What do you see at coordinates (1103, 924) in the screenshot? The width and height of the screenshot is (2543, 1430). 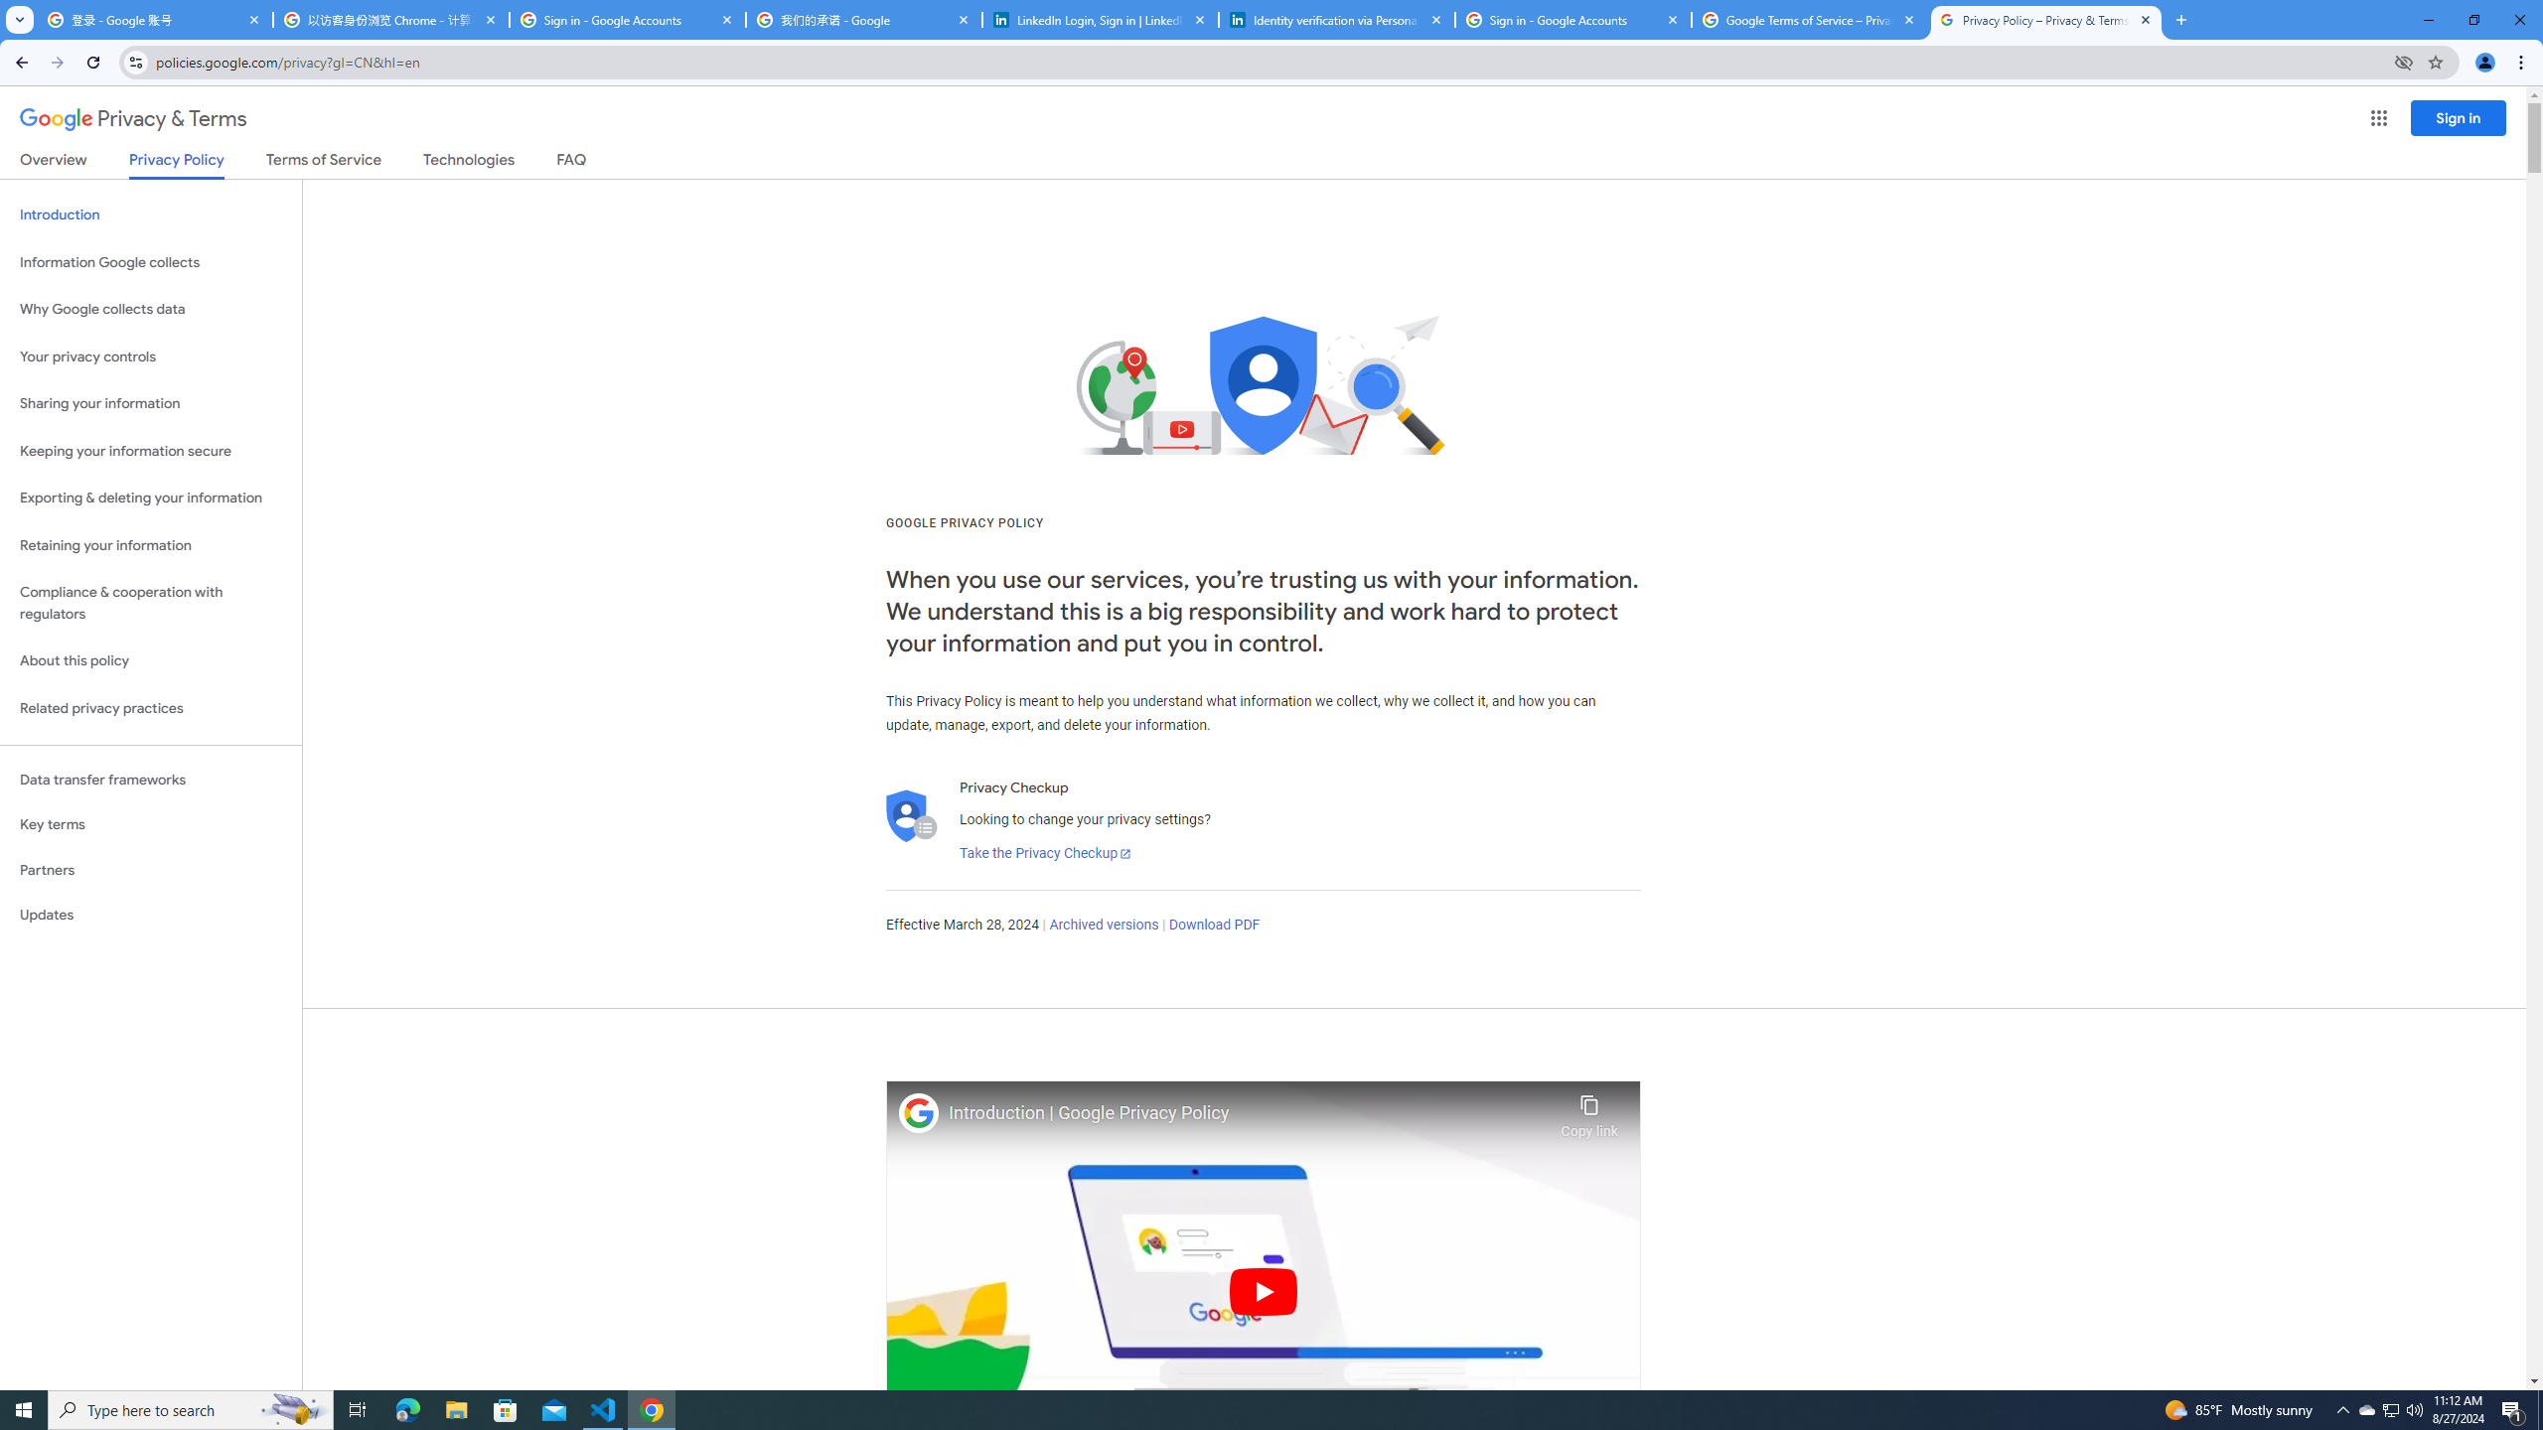 I see `'Archived versions'` at bounding box center [1103, 924].